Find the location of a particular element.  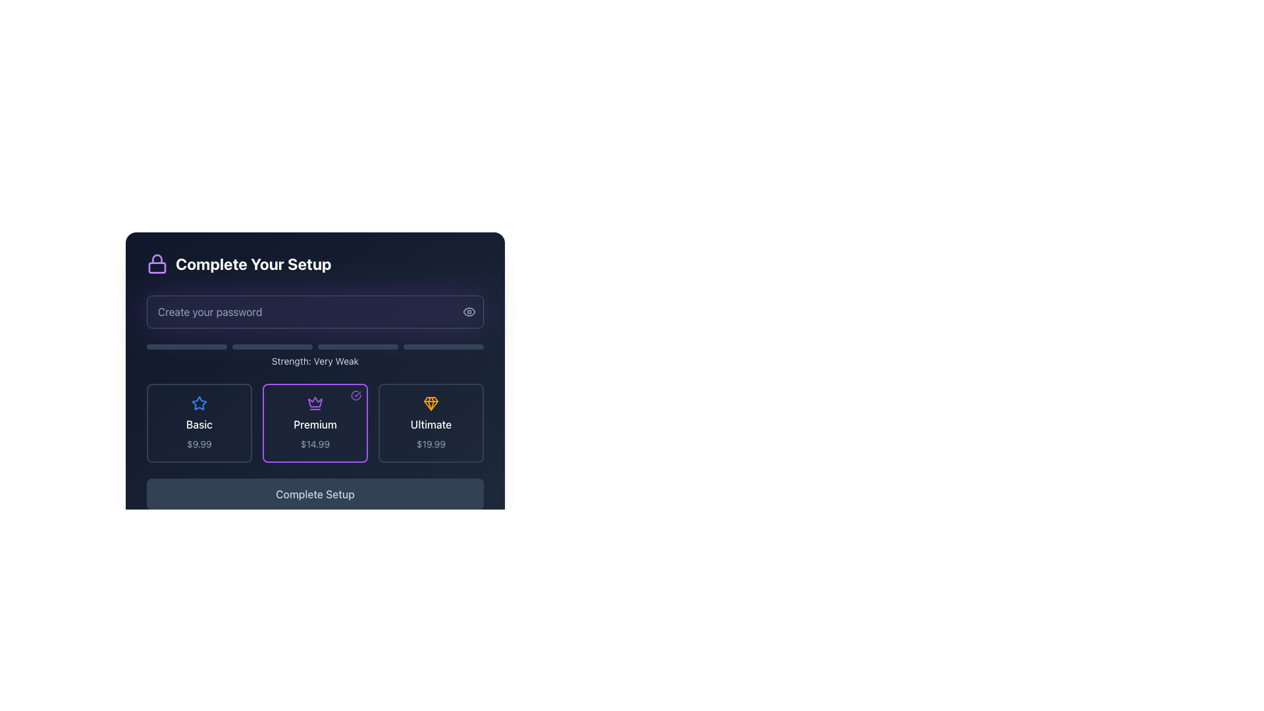

the 'Ultimate' subscription plan button, which is the rightmost option in the subscription grid priced at $19.99 is located at coordinates (431, 423).